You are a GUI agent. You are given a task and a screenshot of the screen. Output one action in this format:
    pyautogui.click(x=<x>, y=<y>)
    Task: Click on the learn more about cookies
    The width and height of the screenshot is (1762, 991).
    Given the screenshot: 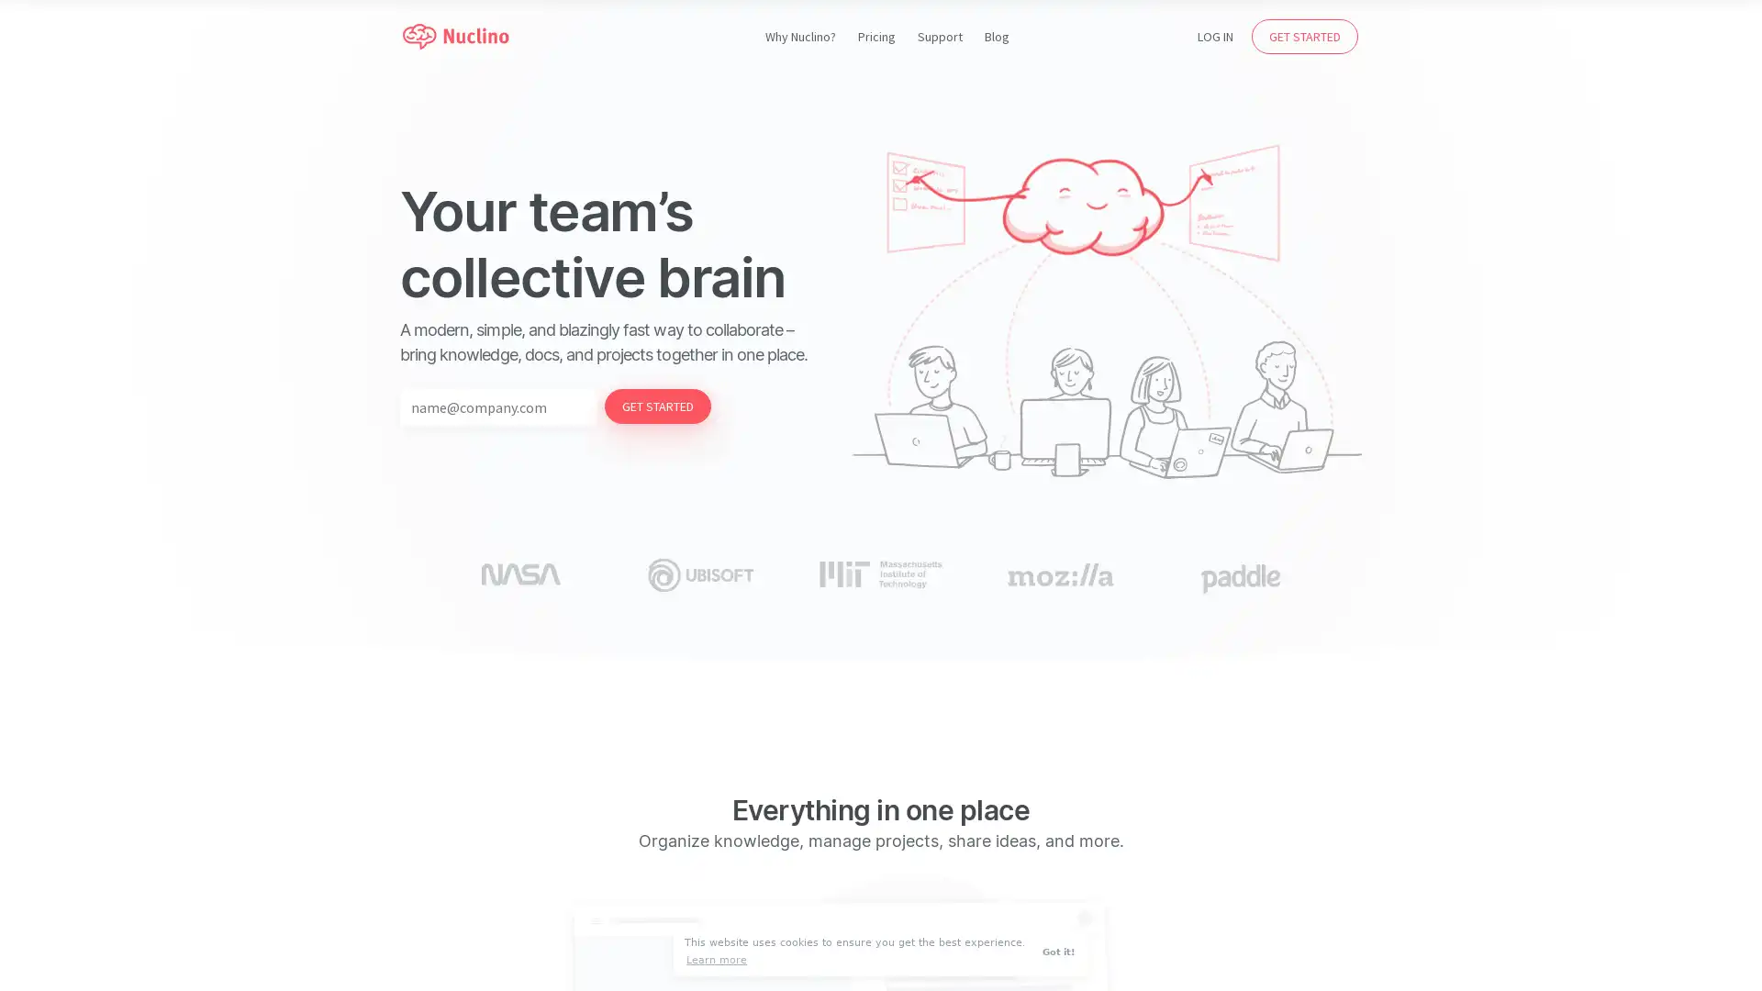 What is the action you would take?
    pyautogui.click(x=716, y=959)
    